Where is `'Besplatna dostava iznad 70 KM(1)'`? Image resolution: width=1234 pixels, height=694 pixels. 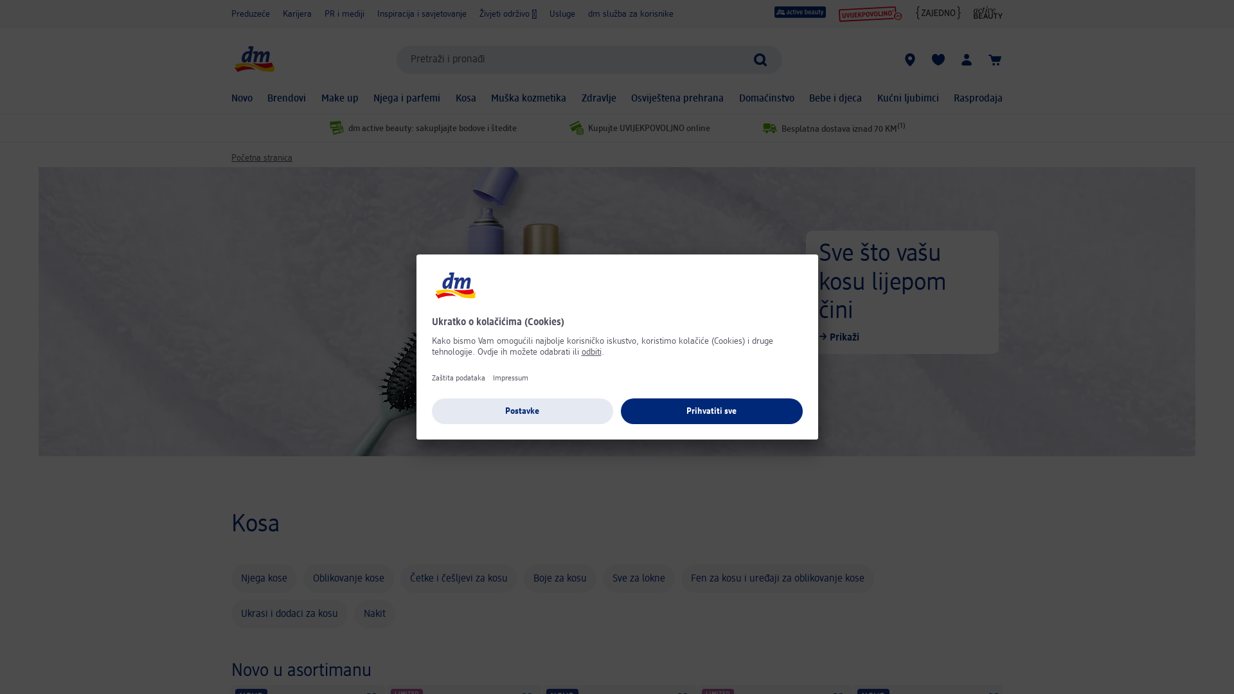
'Besplatna dostava iznad 70 KM(1)' is located at coordinates (829, 128).